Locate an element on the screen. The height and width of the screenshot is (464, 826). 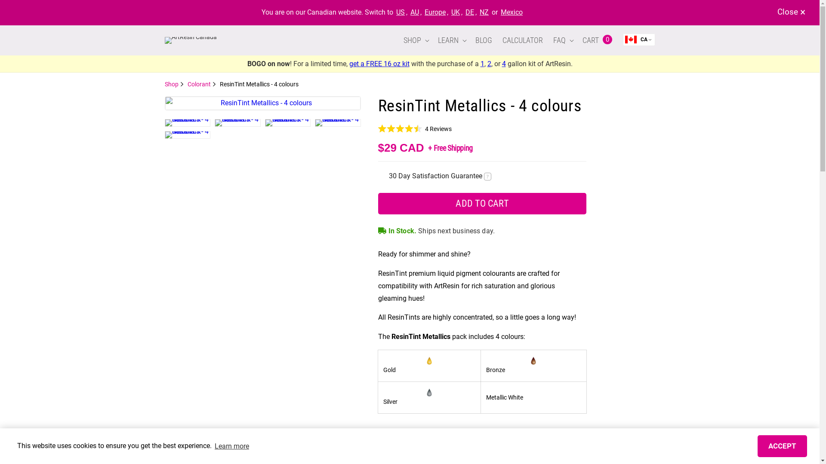
'Colorant' is located at coordinates (201, 84).